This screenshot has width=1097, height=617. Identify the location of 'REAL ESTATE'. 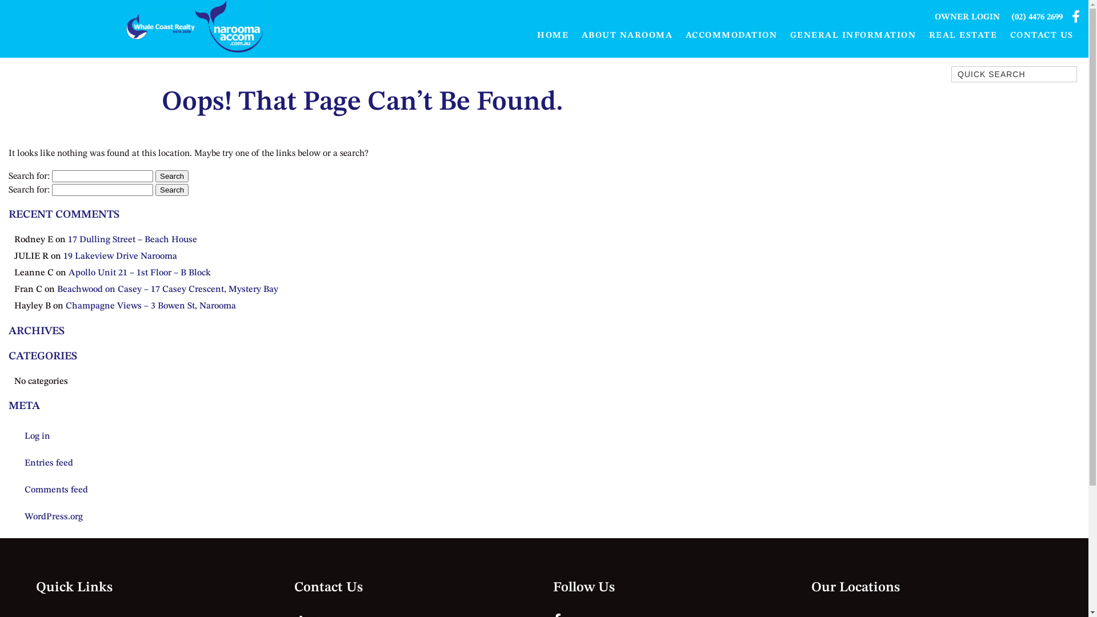
(962, 35).